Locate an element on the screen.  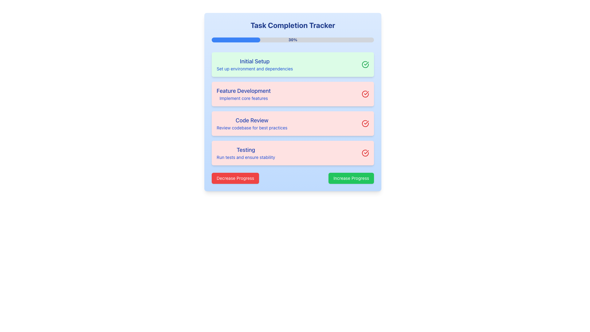
text content of the task card labeled 'Initial Setup', which is the first card in a vertically stacked list of task cards is located at coordinates (293, 64).